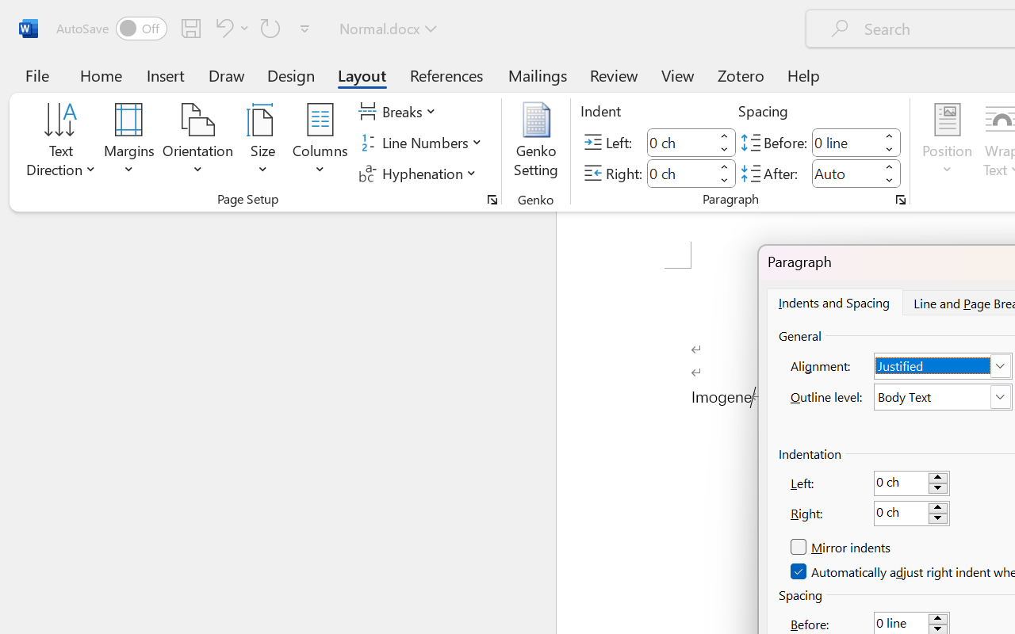 The image size is (1015, 634). I want to click on 'Help', so click(803, 74).